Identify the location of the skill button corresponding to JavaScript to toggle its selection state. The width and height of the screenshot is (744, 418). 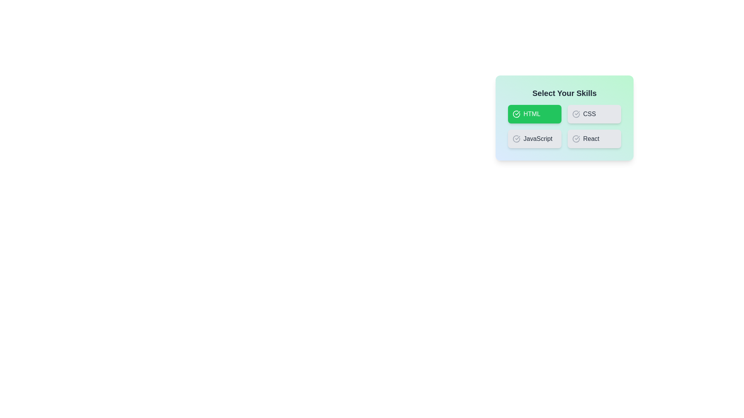
(534, 138).